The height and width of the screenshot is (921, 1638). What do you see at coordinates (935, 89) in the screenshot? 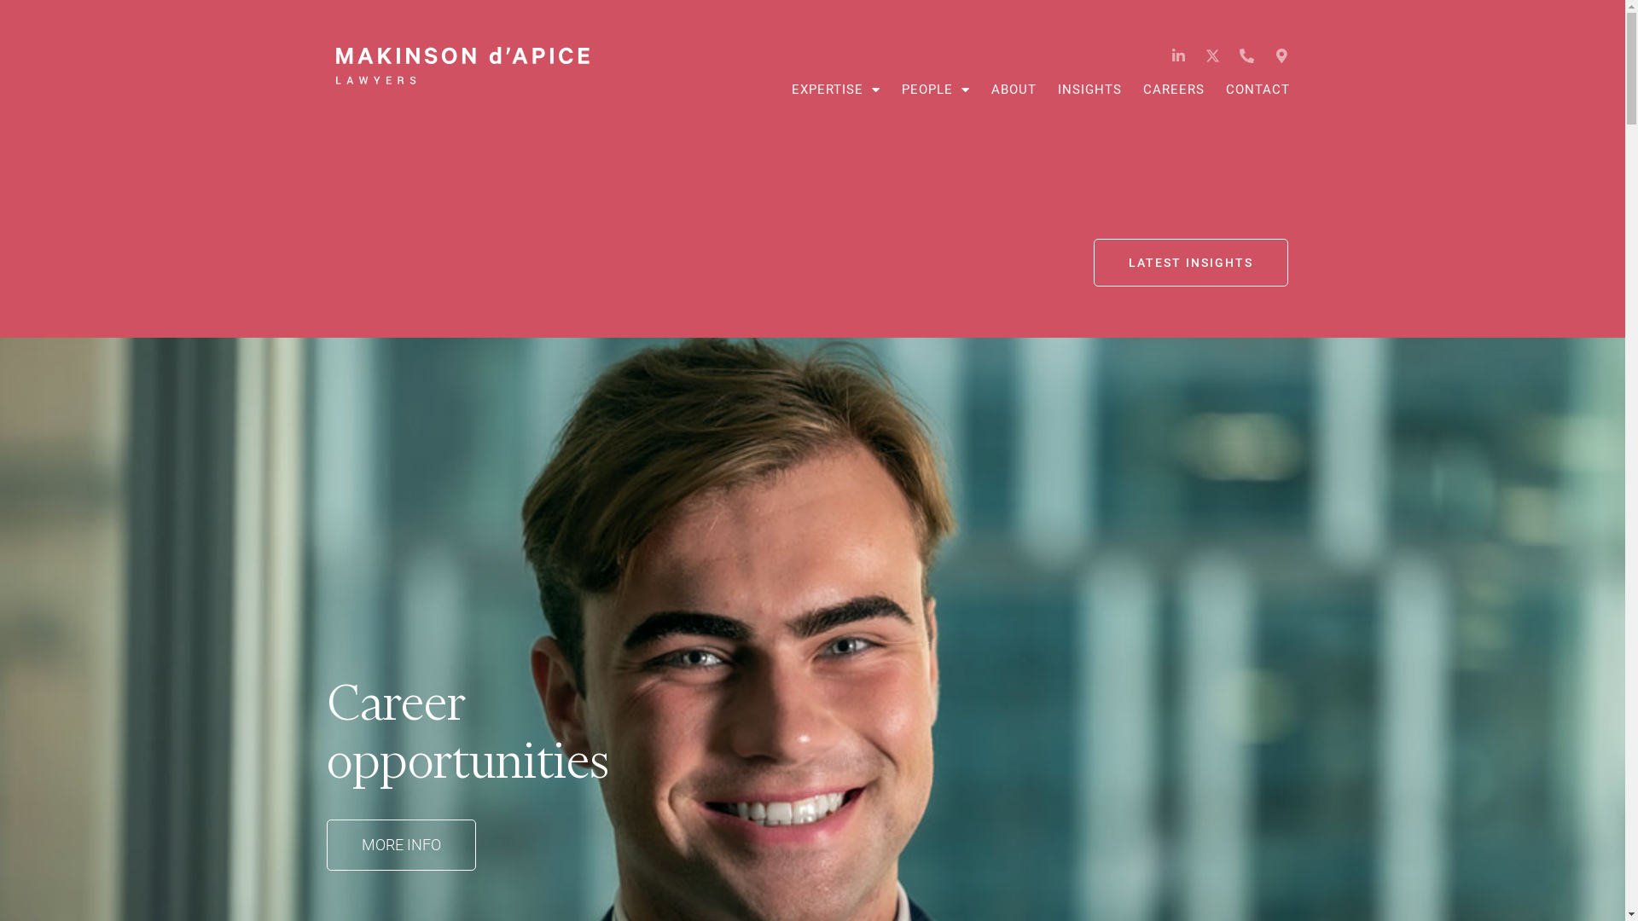
I see `'PEOPLE'` at bounding box center [935, 89].